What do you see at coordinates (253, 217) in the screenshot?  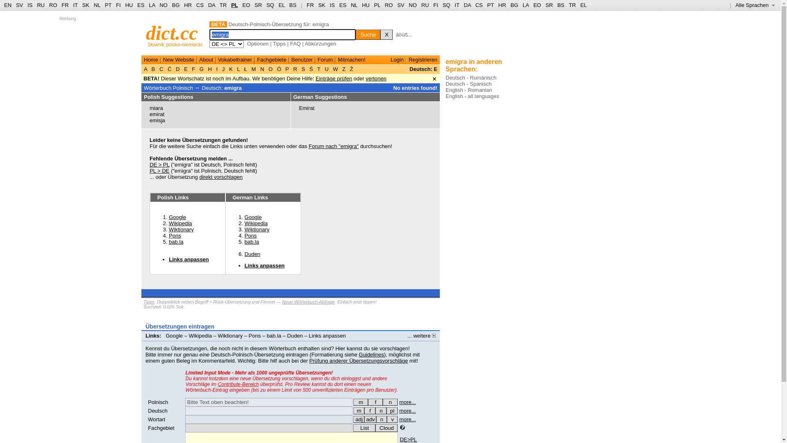 I see `'Google'` at bounding box center [253, 217].